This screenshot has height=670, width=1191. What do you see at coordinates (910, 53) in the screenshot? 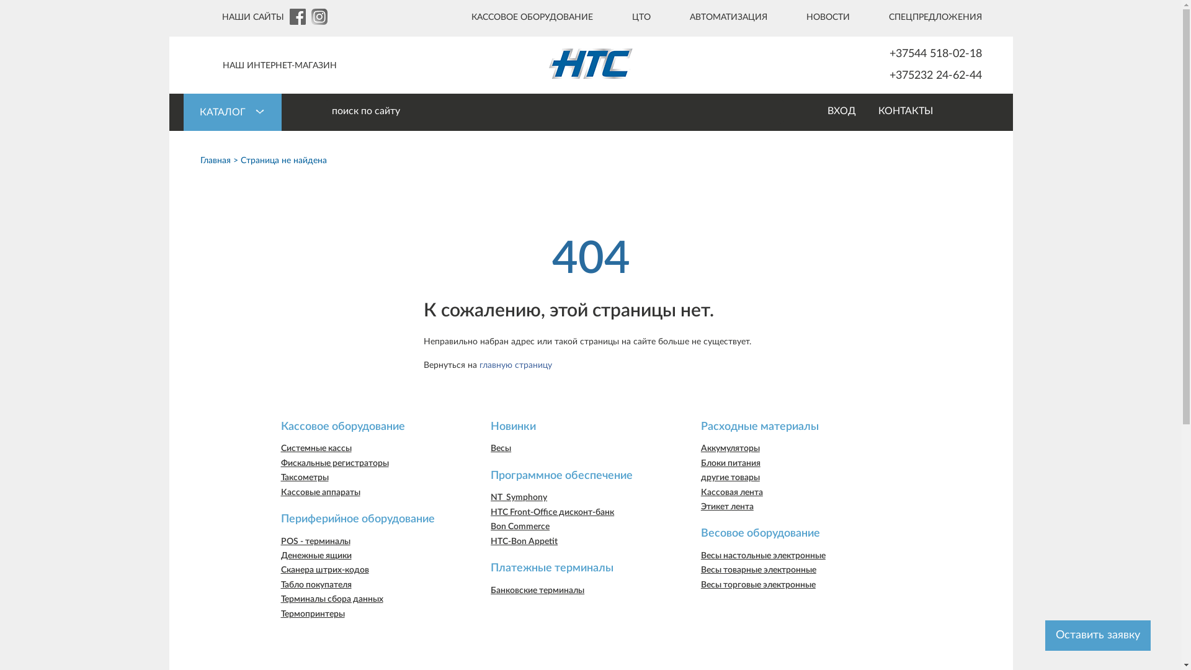
I see `'+37544 518-02-18'` at bounding box center [910, 53].